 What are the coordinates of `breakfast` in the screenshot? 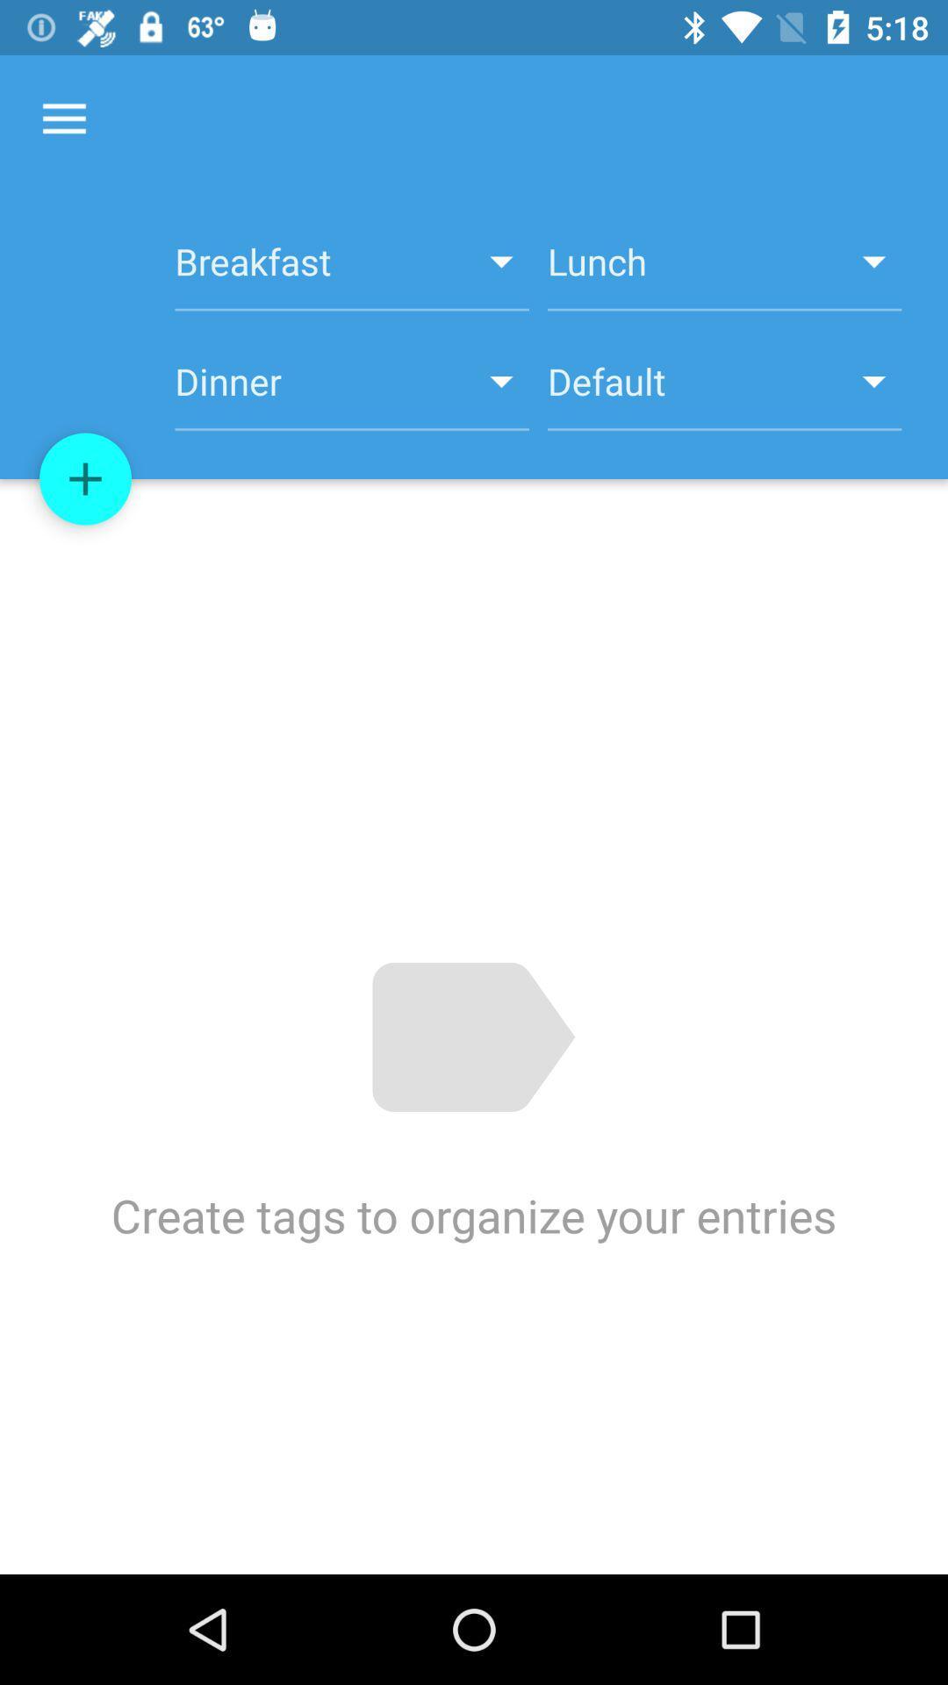 It's located at (352, 270).